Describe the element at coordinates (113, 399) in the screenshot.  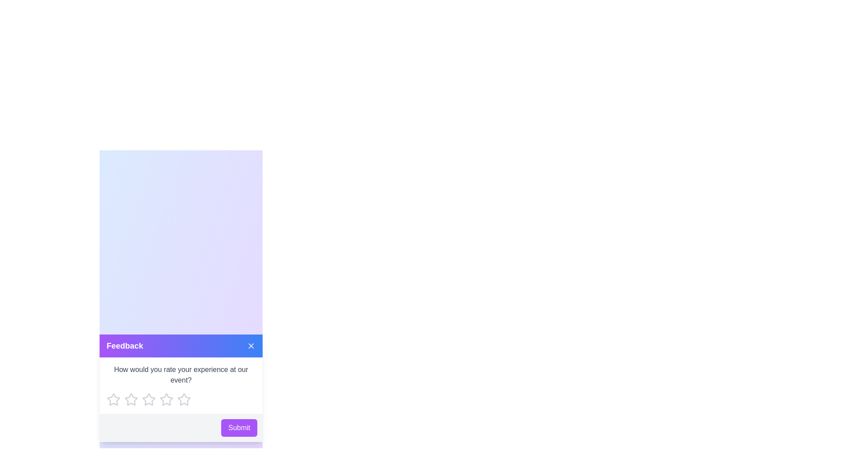
I see `the first star icon in the rating component located in the feedback section to provide a rating` at that location.